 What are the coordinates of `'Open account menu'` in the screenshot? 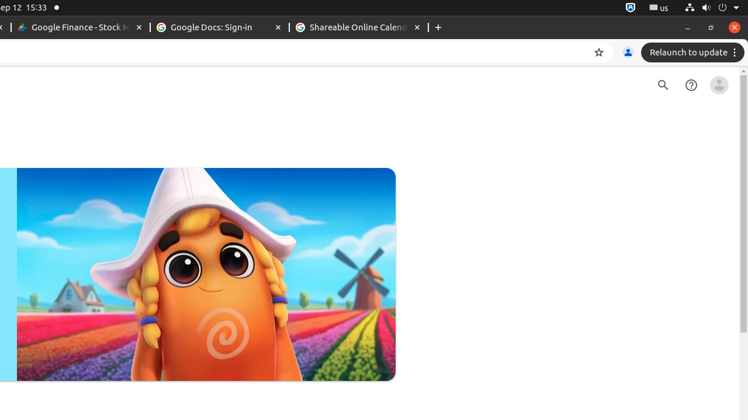 It's located at (718, 85).